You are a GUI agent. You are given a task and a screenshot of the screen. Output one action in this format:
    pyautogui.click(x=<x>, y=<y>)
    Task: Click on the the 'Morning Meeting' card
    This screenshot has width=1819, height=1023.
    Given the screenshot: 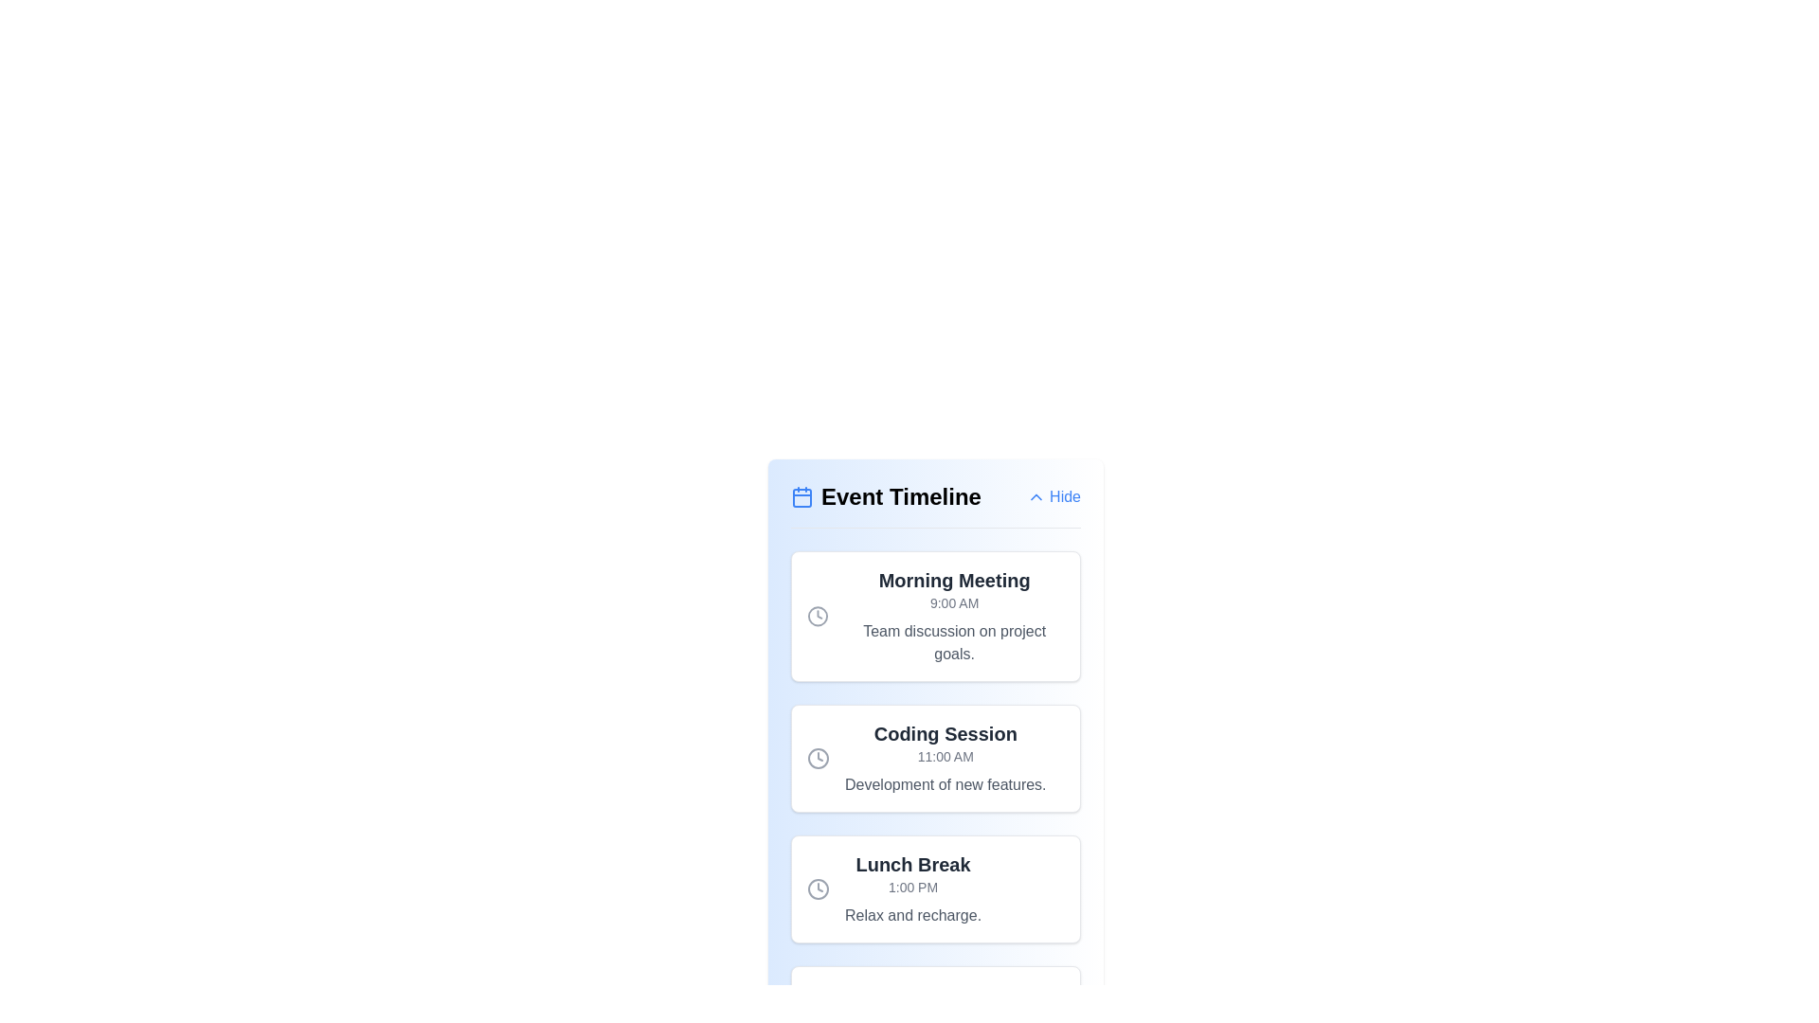 What is the action you would take?
    pyautogui.click(x=936, y=617)
    